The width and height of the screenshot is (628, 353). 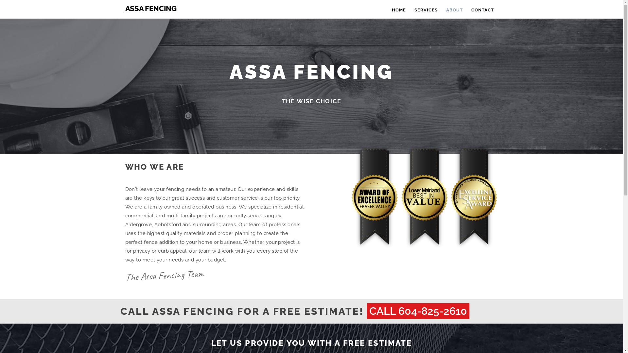 What do you see at coordinates (467, 9) in the screenshot?
I see `'CONTACT'` at bounding box center [467, 9].